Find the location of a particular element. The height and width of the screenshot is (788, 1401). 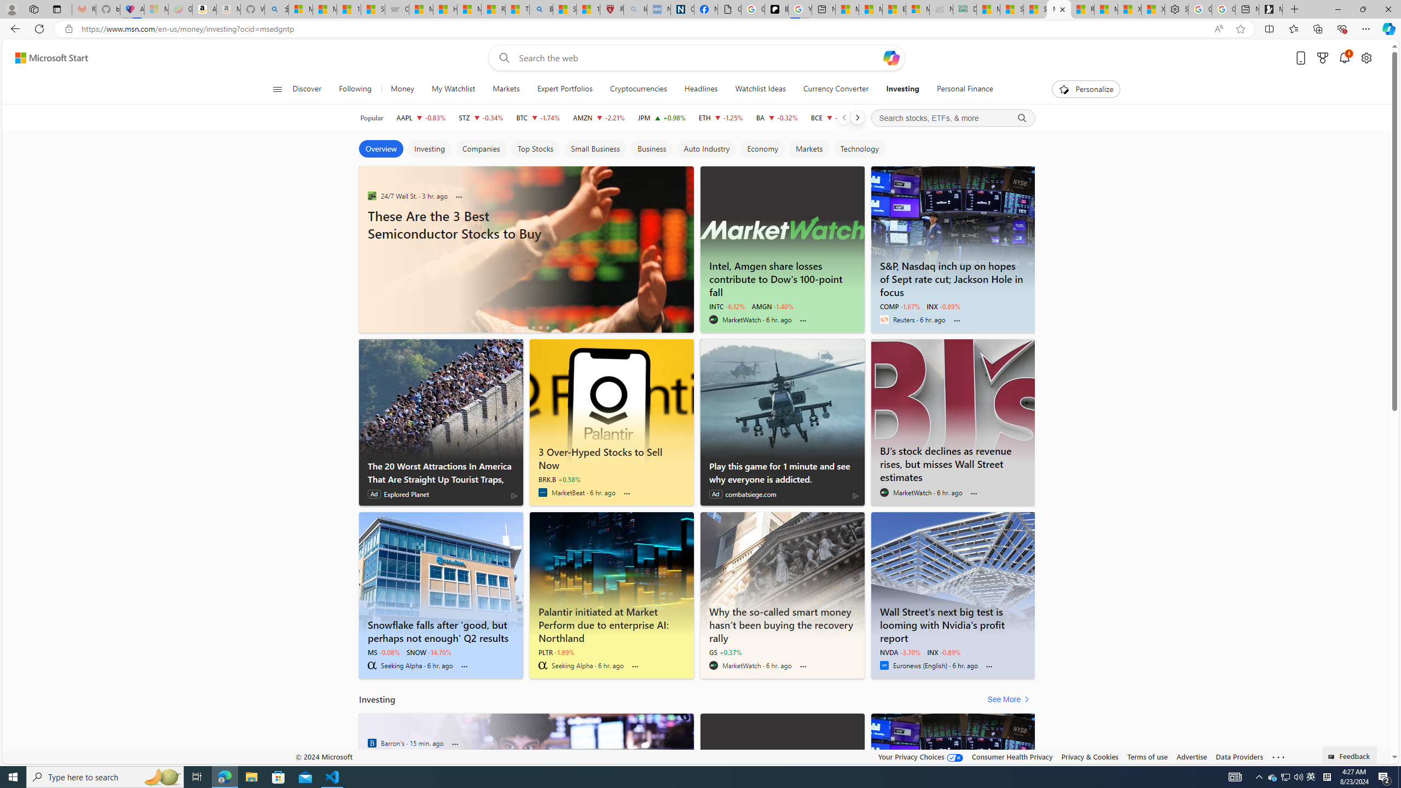

'3 Over-Hyped Stocks to Sell Now - MarketBeat' is located at coordinates (611, 400).